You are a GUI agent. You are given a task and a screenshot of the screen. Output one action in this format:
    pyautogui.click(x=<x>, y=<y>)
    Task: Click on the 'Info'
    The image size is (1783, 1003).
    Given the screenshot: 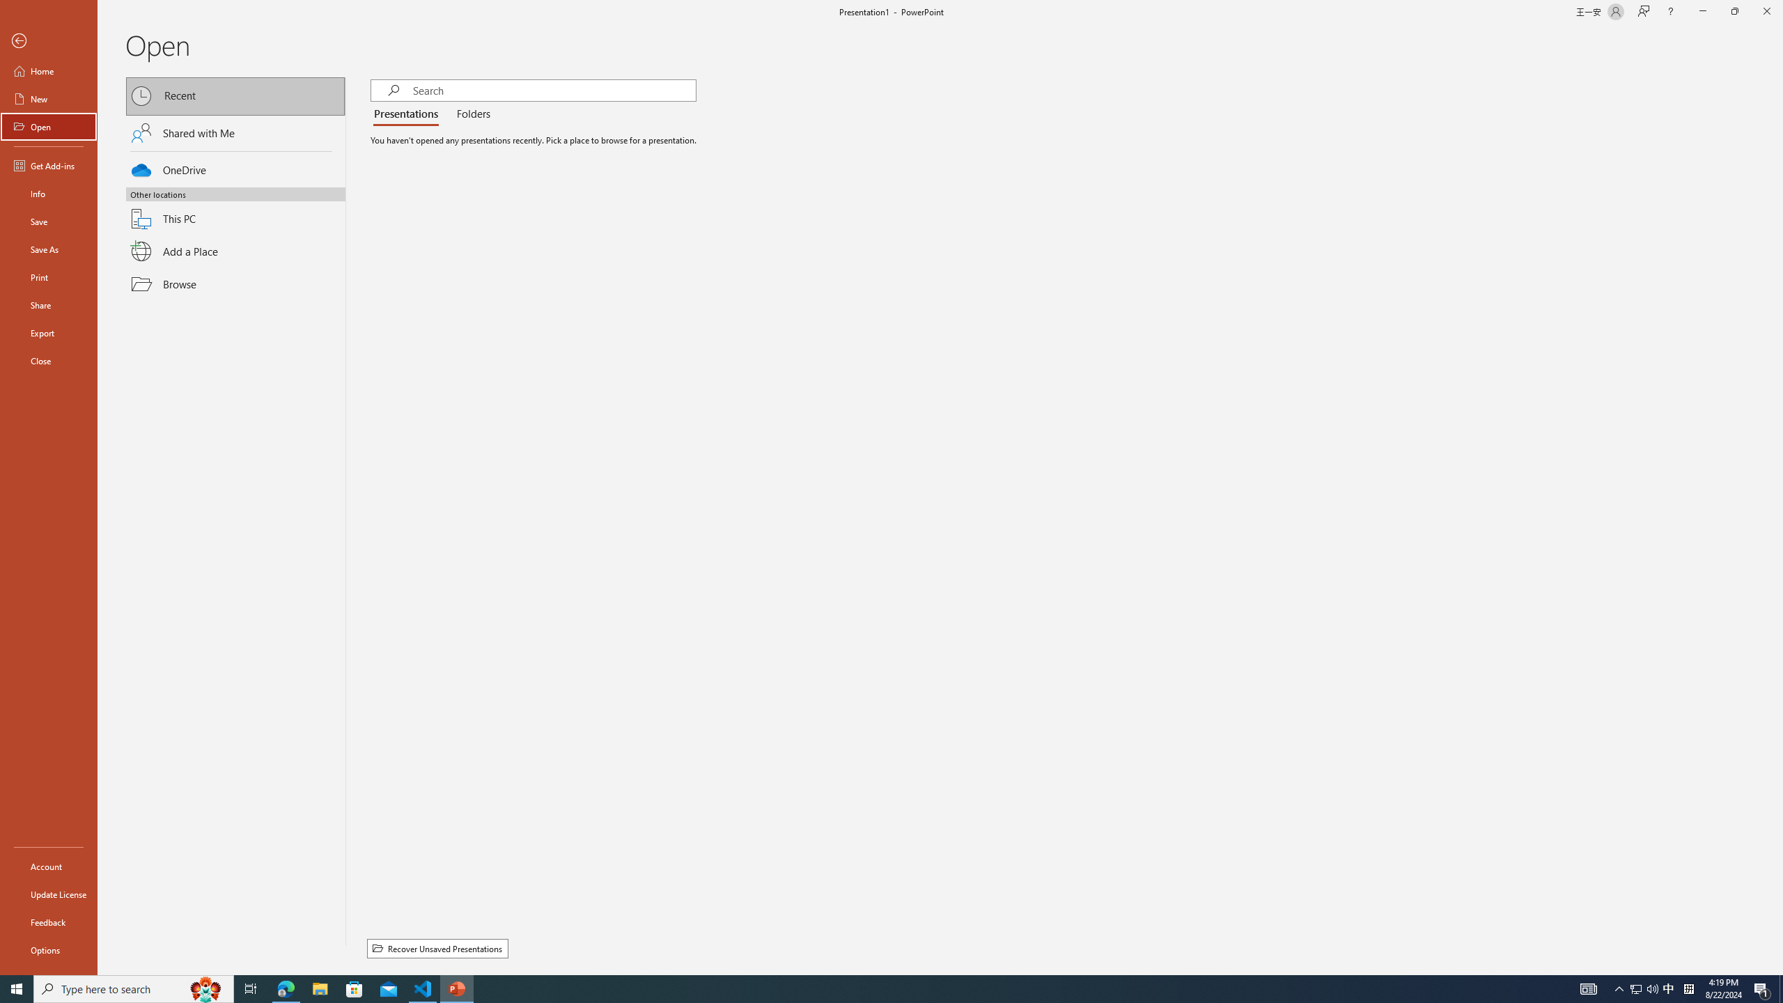 What is the action you would take?
    pyautogui.click(x=48, y=192)
    